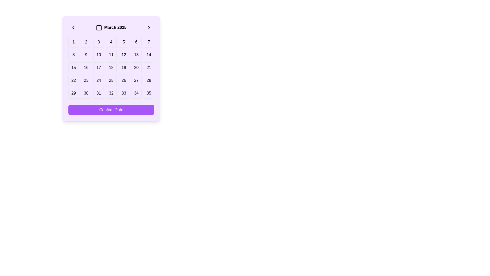  Describe the element at coordinates (86, 93) in the screenshot. I see `the static text box displaying the date '30', which is the second box in the last row of a 7-column grid structure` at that location.